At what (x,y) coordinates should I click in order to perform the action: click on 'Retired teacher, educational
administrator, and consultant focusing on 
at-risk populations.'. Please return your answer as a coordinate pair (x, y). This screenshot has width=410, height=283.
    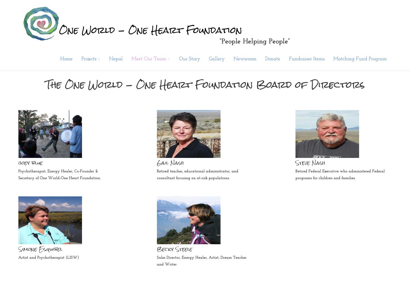
    Looking at the image, I should click on (197, 174).